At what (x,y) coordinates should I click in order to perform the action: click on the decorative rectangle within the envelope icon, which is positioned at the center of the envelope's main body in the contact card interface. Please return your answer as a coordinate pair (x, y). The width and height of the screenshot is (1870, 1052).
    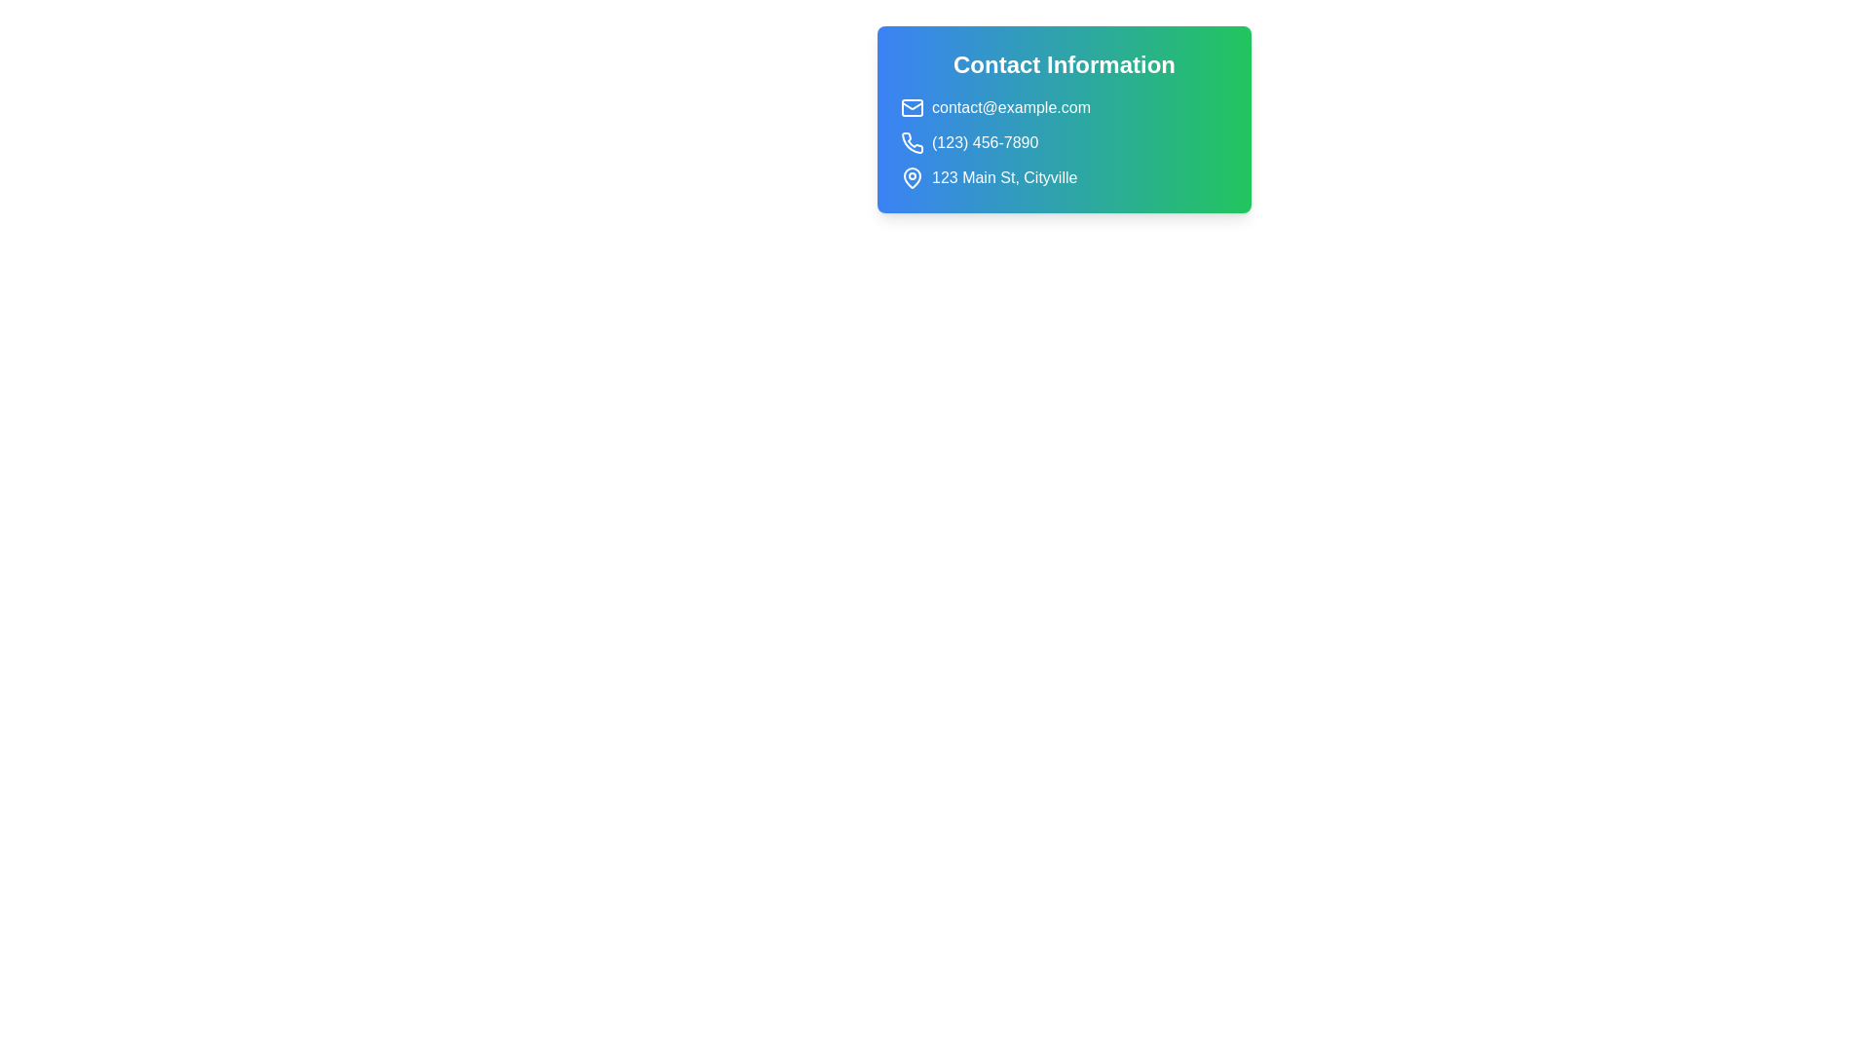
    Looking at the image, I should click on (911, 108).